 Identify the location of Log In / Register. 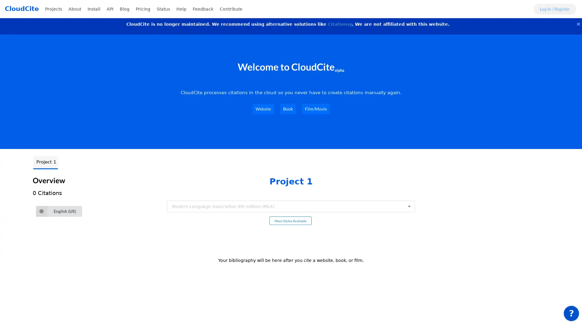
(555, 9).